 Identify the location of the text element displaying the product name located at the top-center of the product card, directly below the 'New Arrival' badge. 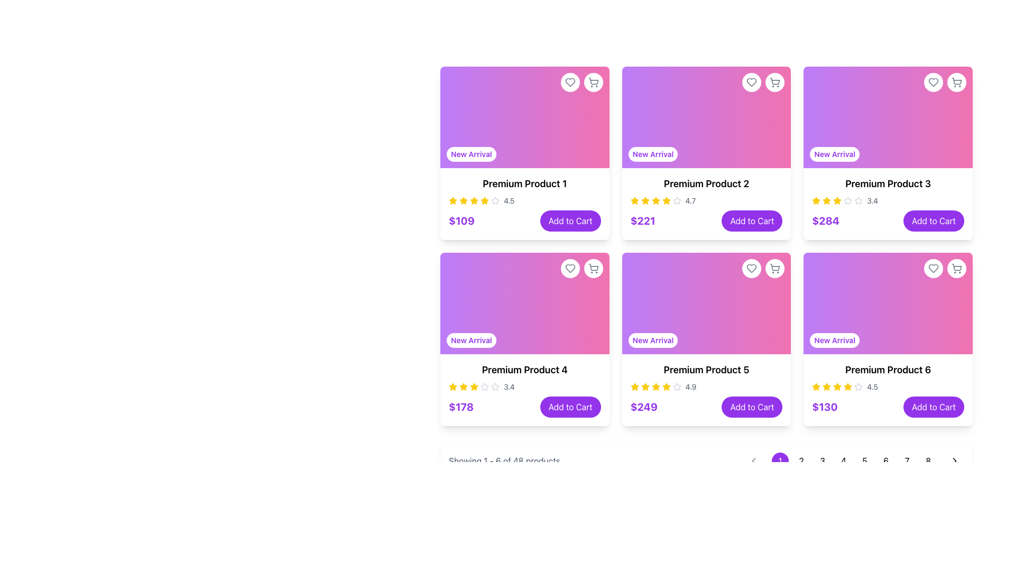
(524, 183).